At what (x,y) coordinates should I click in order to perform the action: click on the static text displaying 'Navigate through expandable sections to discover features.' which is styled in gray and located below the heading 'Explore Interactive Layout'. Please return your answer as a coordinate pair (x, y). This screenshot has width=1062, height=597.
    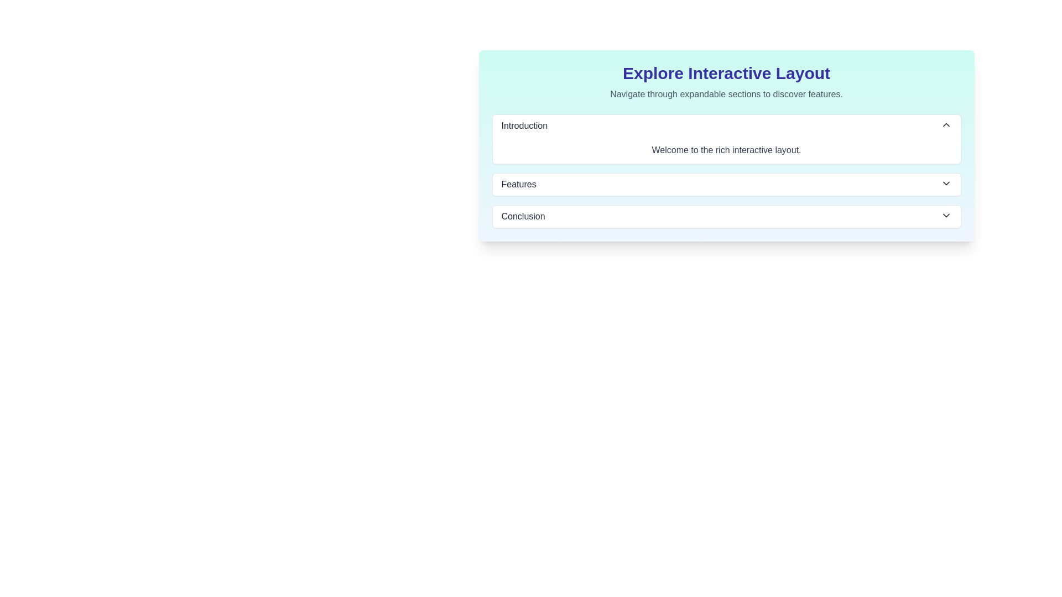
    Looking at the image, I should click on (726, 93).